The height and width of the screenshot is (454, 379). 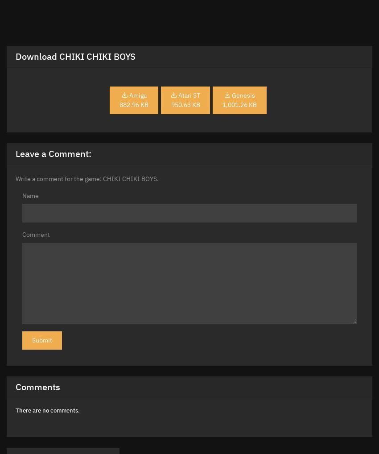 What do you see at coordinates (185, 104) in the screenshot?
I see `'950.63 KB'` at bounding box center [185, 104].